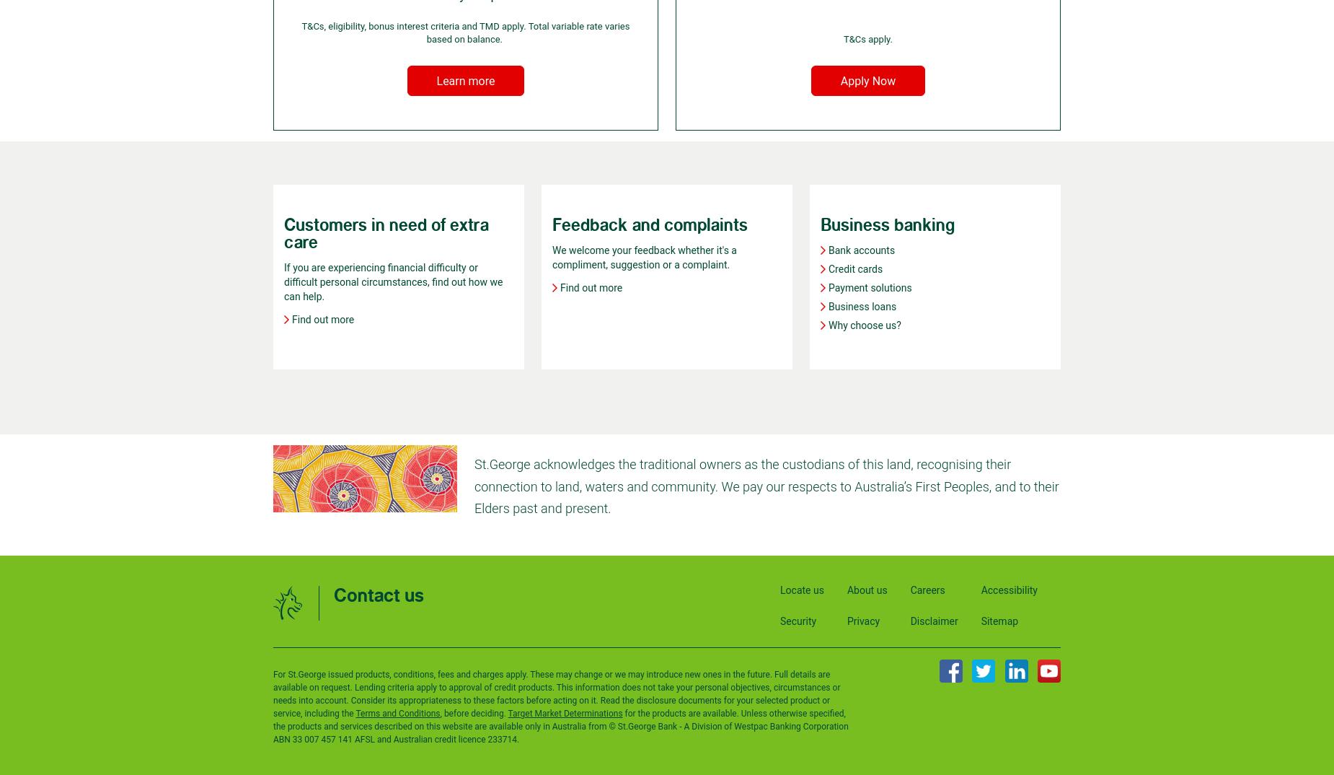 The width and height of the screenshot is (1334, 775). I want to click on 'Feedback and complaints', so click(650, 224).